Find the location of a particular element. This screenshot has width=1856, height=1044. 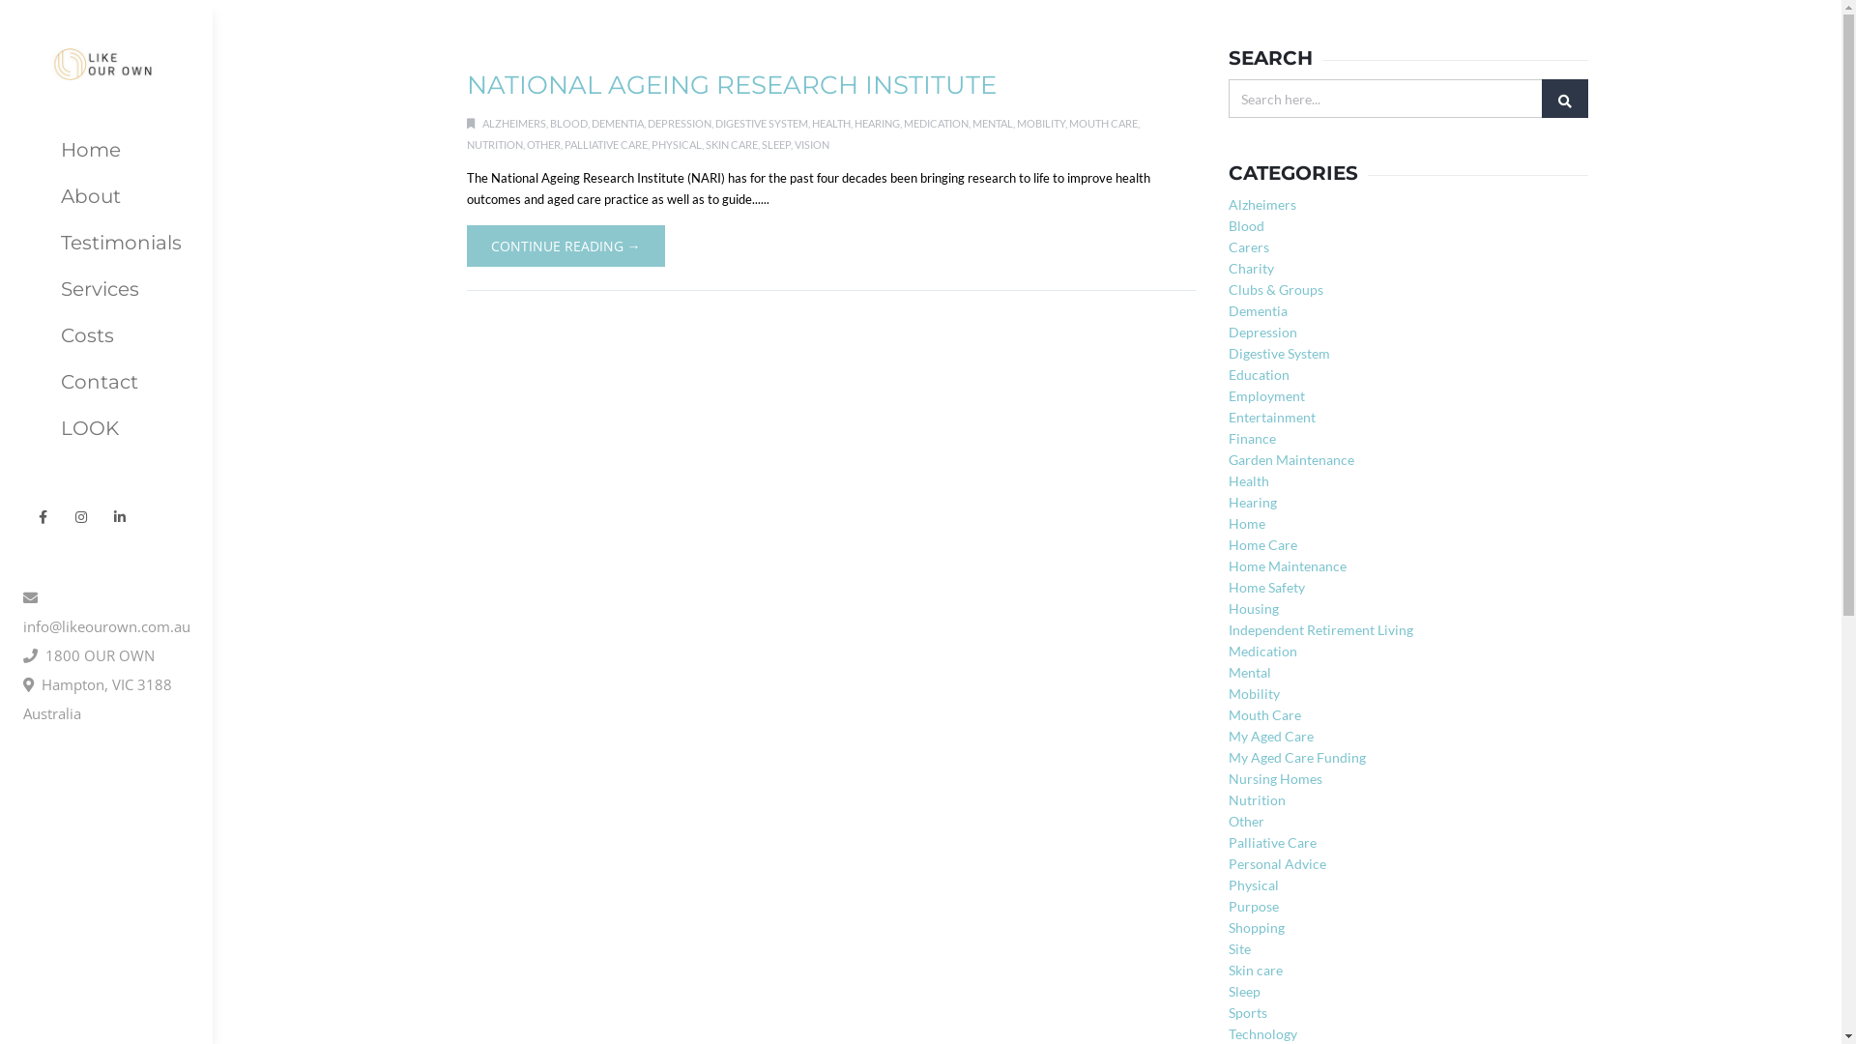

'DIGESTIVE SYSTEM' is located at coordinates (760, 122).